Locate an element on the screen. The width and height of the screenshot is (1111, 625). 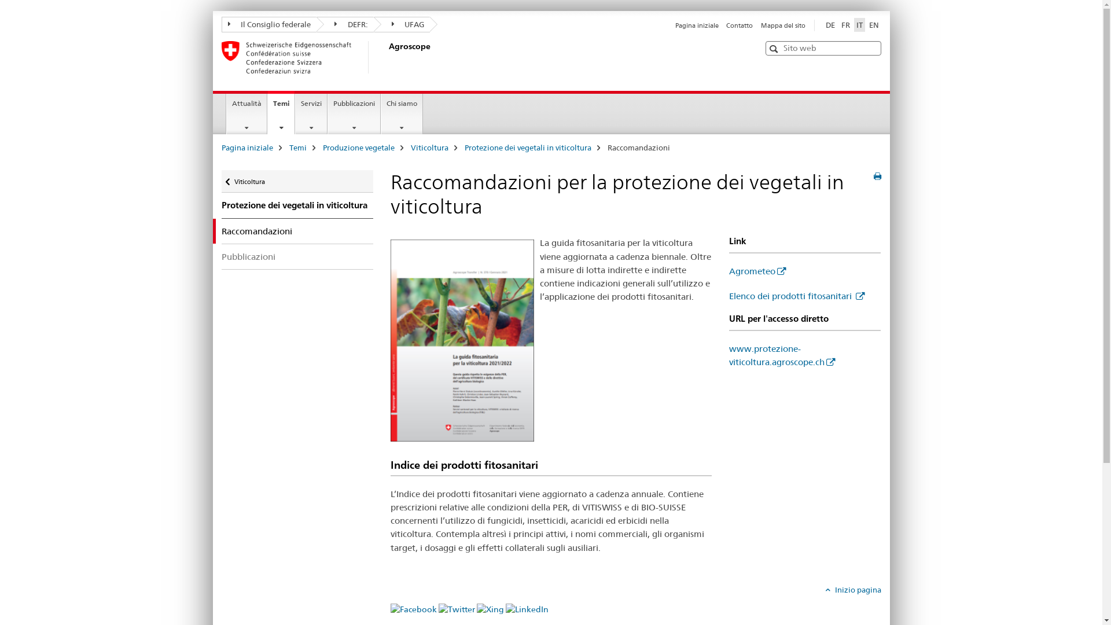
'Protezione dei vegetali in viticoltura' is located at coordinates (527, 146).